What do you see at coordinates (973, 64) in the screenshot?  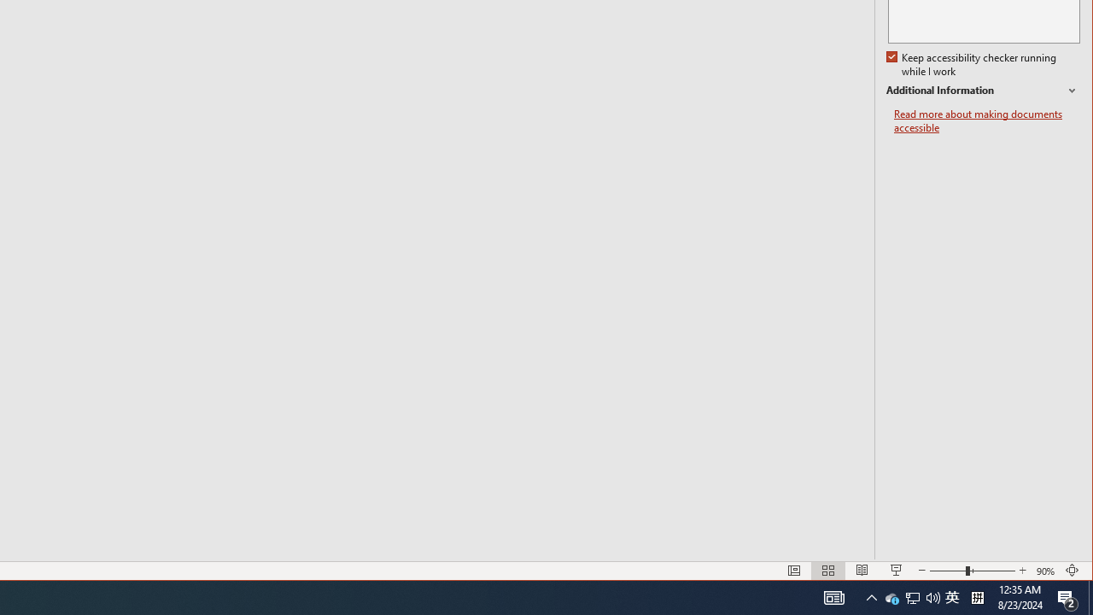 I see `'Keep accessibility checker running while I work'` at bounding box center [973, 64].